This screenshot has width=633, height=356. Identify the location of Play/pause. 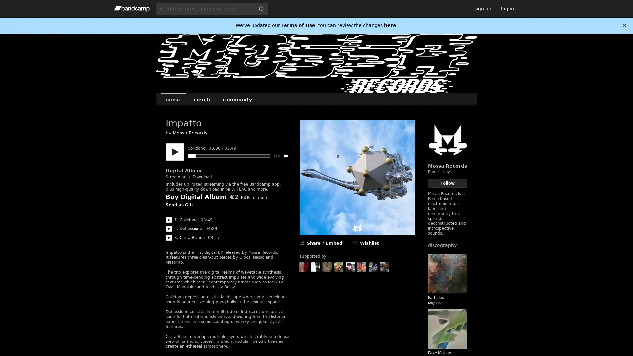
(174, 152).